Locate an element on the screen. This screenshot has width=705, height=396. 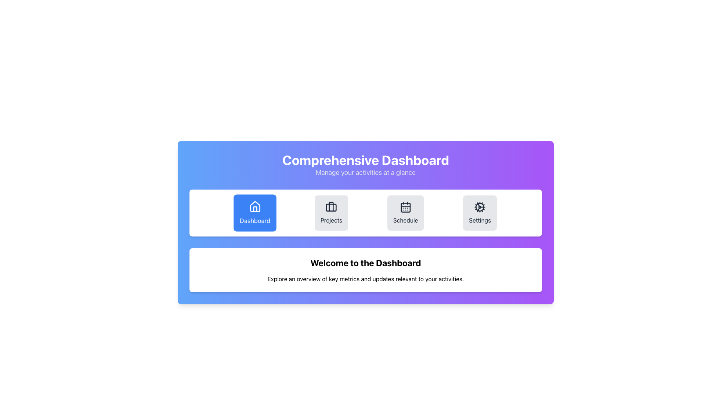
the header text block that describes the page's purpose as a comprehensive dashboard for activity management is located at coordinates (366, 165).